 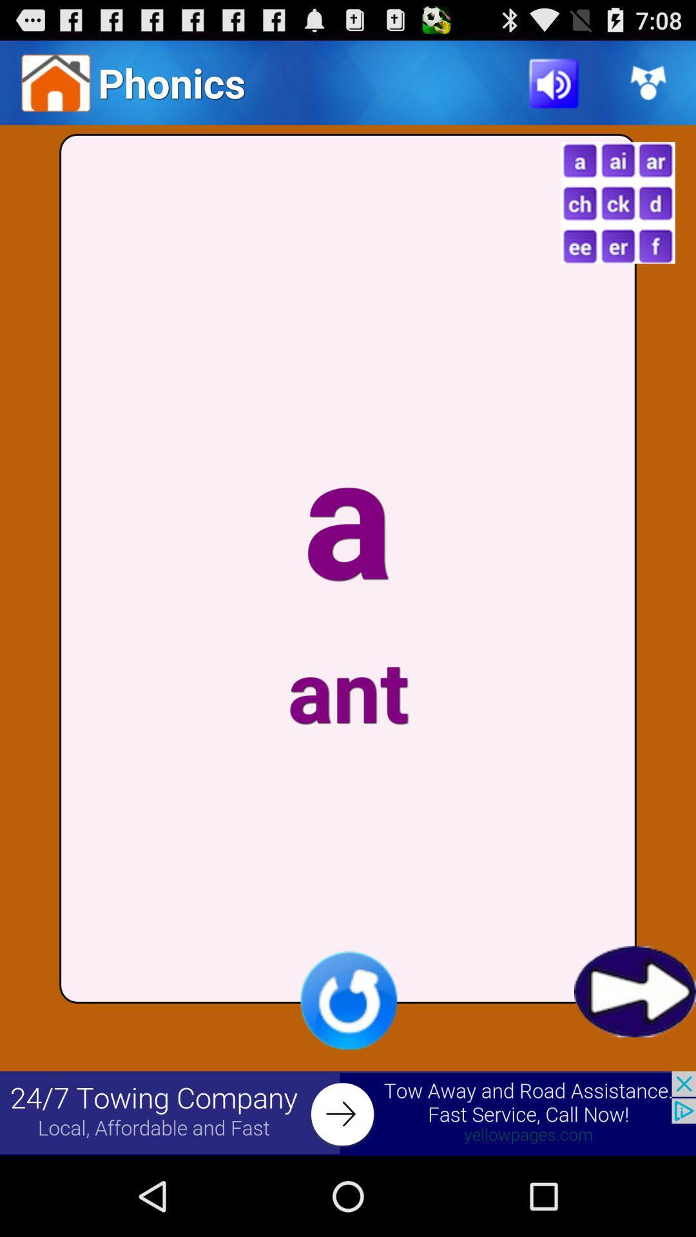 I want to click on menu button, so click(x=617, y=202).